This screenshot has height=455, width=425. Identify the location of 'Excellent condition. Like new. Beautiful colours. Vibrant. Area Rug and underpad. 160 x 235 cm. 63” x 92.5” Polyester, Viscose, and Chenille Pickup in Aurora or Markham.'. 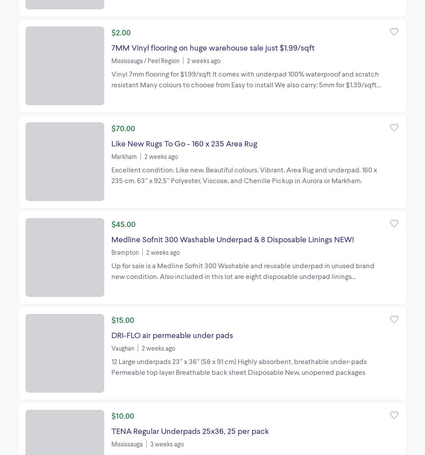
(244, 174).